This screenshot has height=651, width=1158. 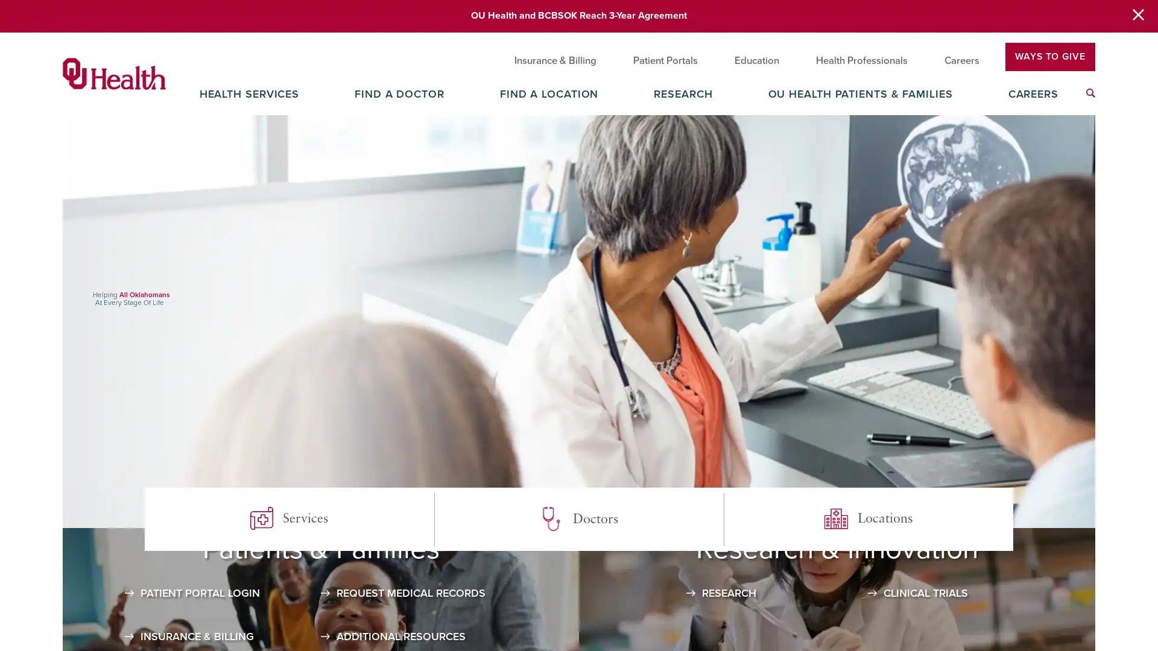 I want to click on Close Warning Alert, so click(x=1137, y=16).